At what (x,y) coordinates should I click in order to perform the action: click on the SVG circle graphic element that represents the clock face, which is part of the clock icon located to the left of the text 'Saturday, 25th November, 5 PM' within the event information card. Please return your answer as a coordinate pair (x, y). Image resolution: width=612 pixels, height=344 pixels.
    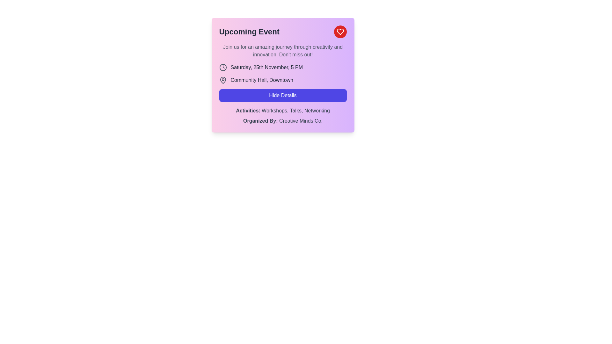
    Looking at the image, I should click on (223, 68).